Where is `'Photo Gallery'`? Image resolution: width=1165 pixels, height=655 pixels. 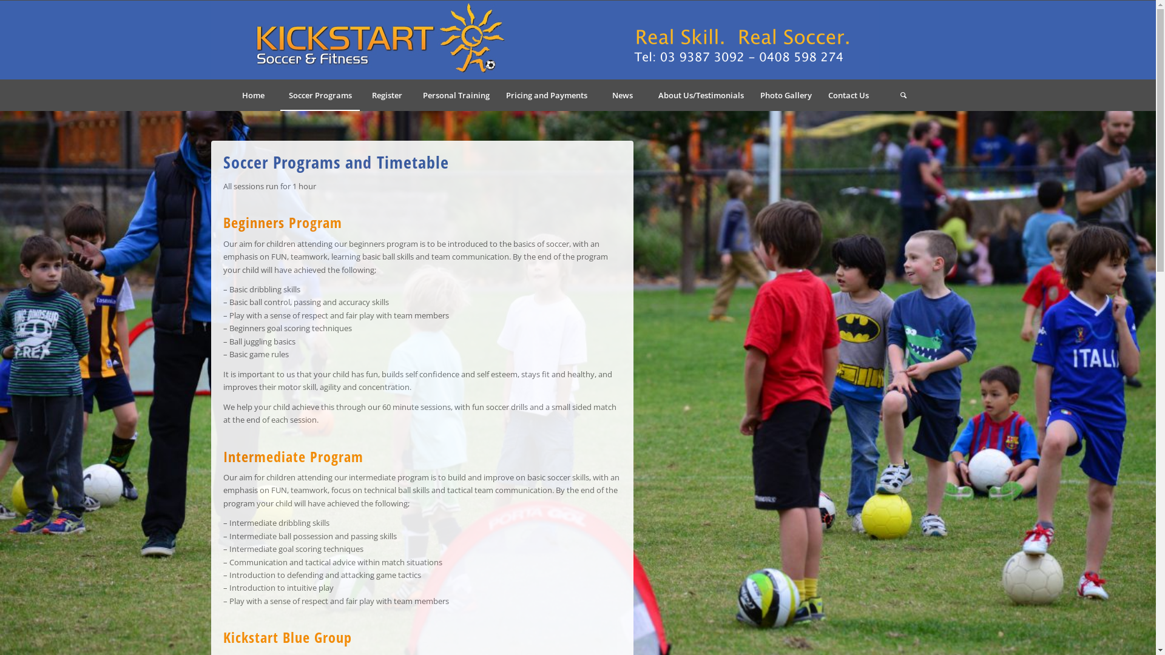
'Photo Gallery' is located at coordinates (785, 95).